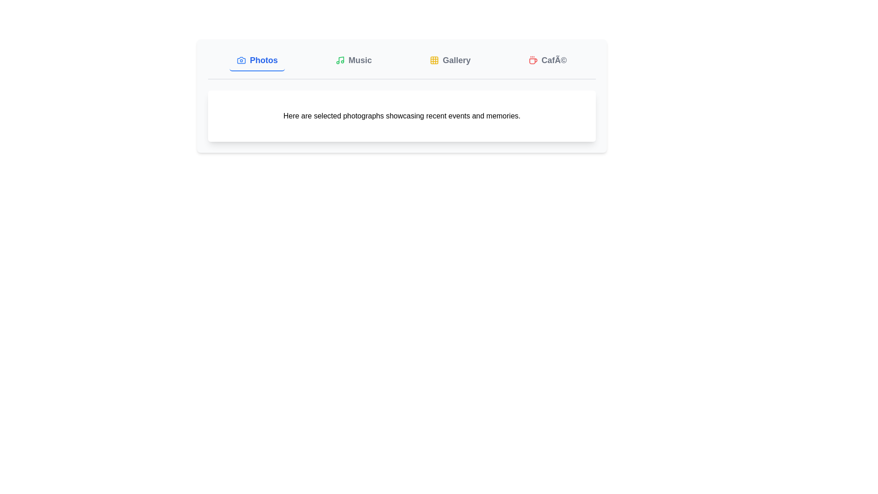 The width and height of the screenshot is (878, 494). What do you see at coordinates (402, 64) in the screenshot?
I see `the Navigation bar at the center point` at bounding box center [402, 64].